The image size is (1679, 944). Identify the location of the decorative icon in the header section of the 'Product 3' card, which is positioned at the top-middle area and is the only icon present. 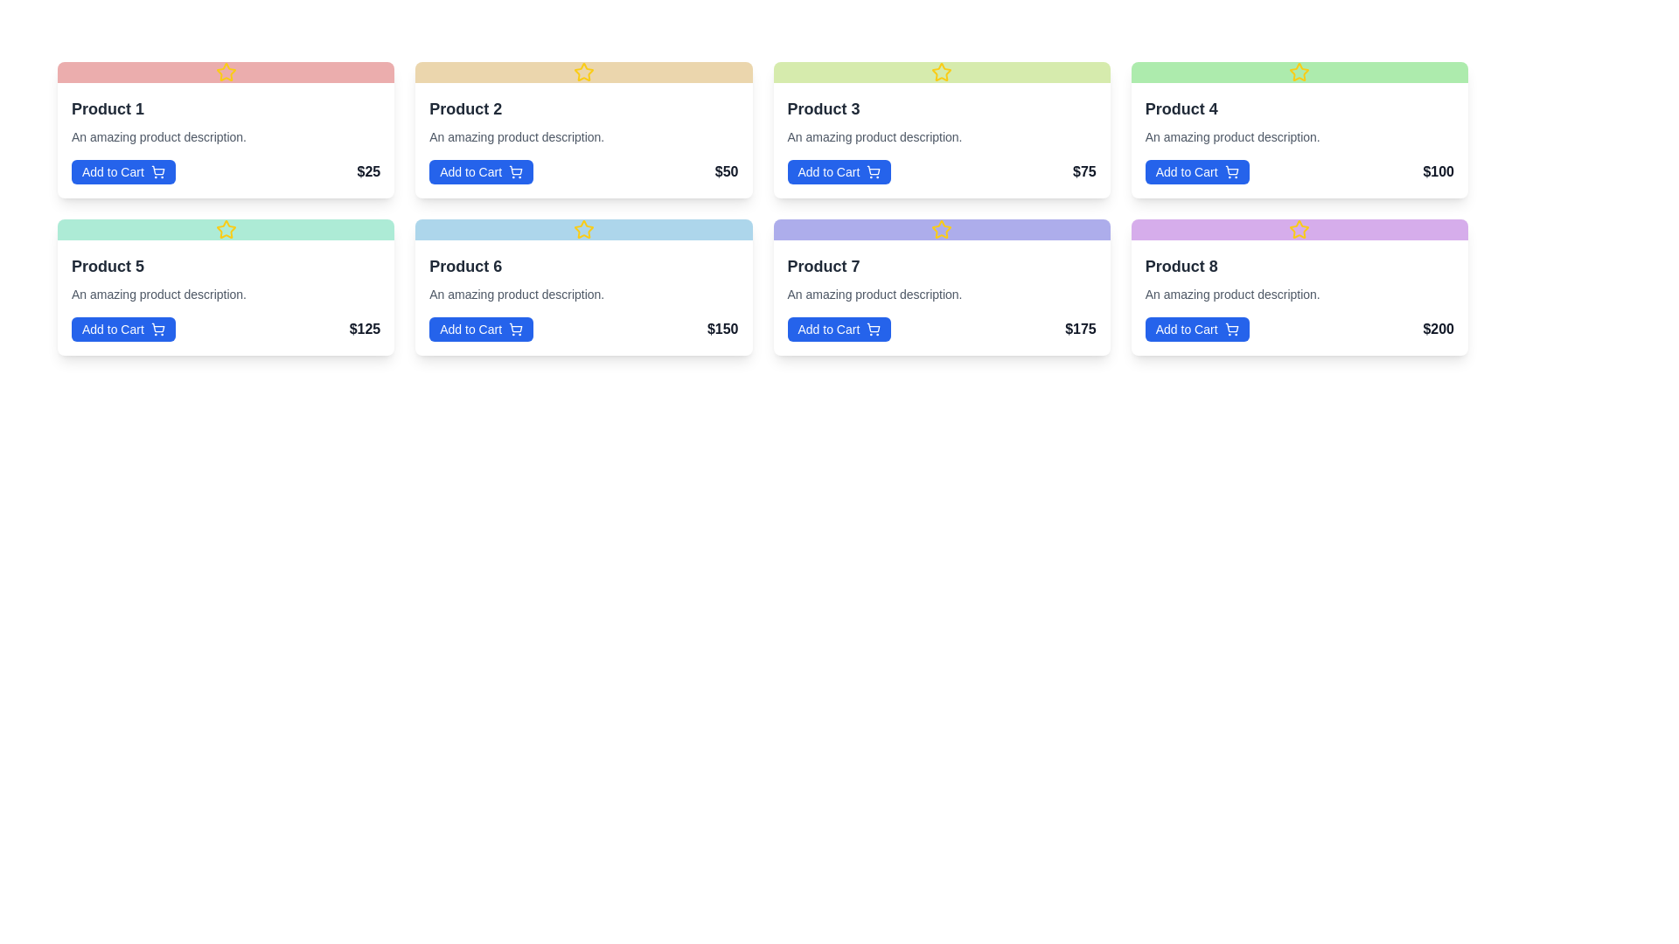
(941, 72).